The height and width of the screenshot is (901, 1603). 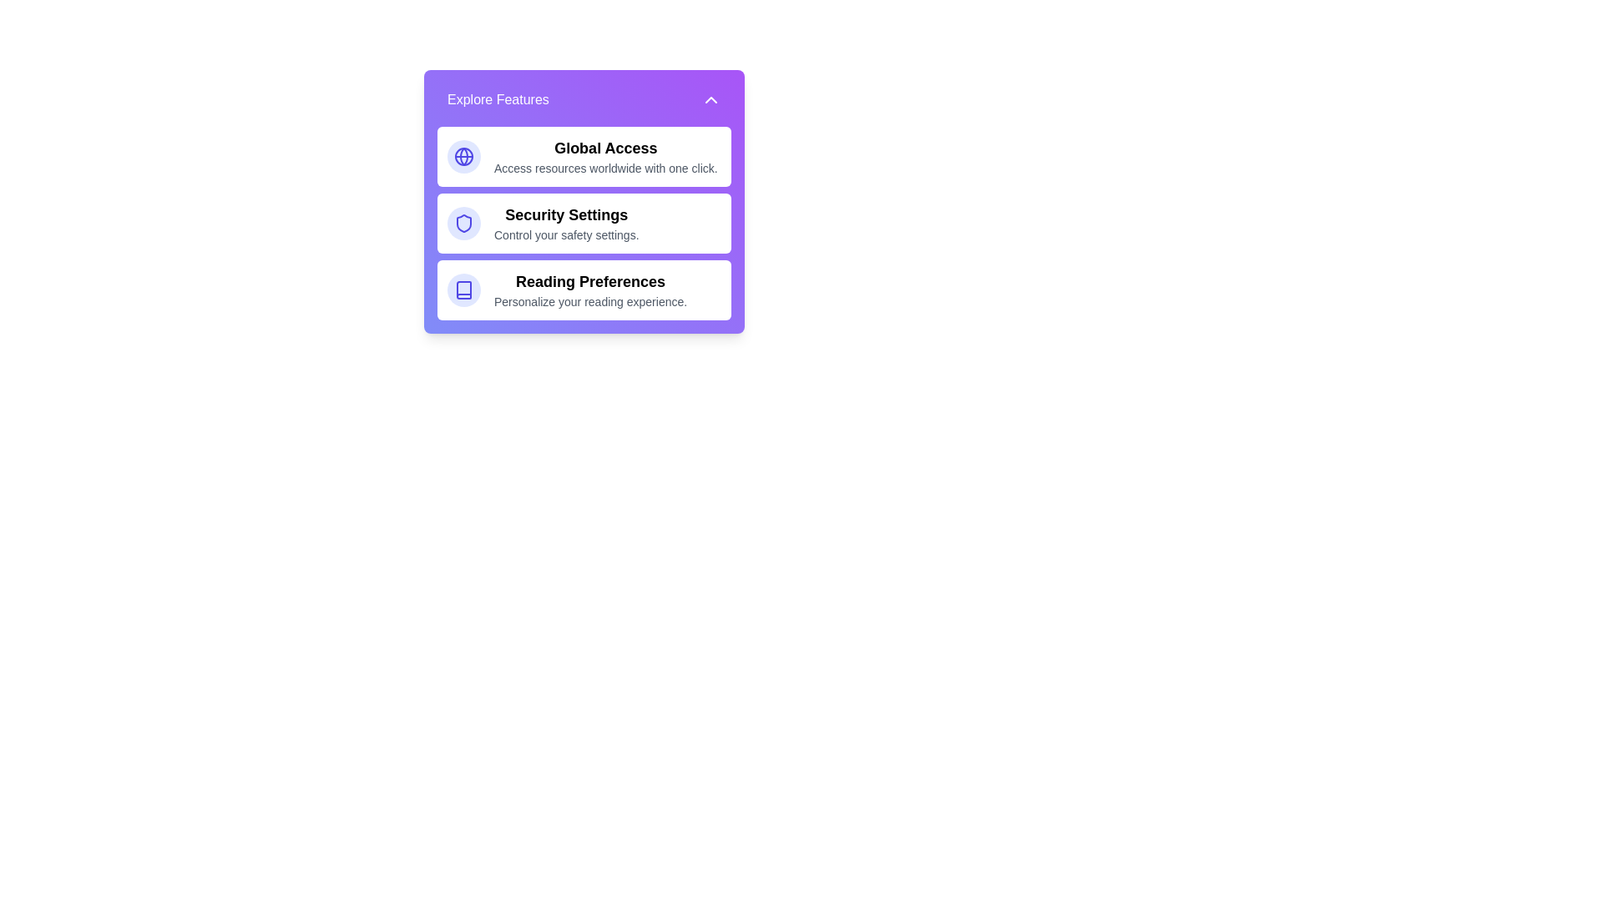 What do you see at coordinates (566, 234) in the screenshot?
I see `the text element displaying 'Control your safety settings.' which is positioned directly underneath 'Security Settings' in the purple panel titled 'Explore Features.'` at bounding box center [566, 234].